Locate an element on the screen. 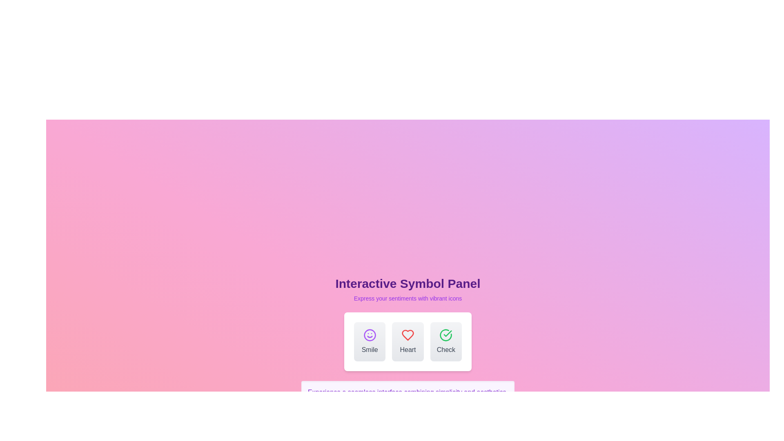  the text label displaying 'Express your sentiments with vibrant icons', which is positioned centrally below the title 'Interactive Symbol Panel' is located at coordinates (408, 298).